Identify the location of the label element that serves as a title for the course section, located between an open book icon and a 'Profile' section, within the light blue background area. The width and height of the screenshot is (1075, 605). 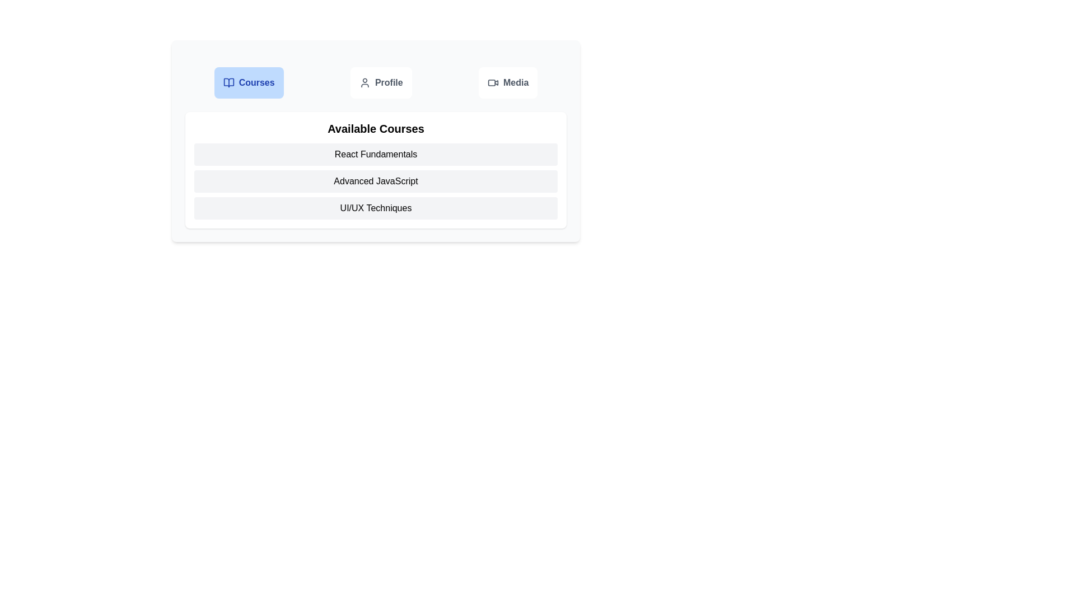
(256, 82).